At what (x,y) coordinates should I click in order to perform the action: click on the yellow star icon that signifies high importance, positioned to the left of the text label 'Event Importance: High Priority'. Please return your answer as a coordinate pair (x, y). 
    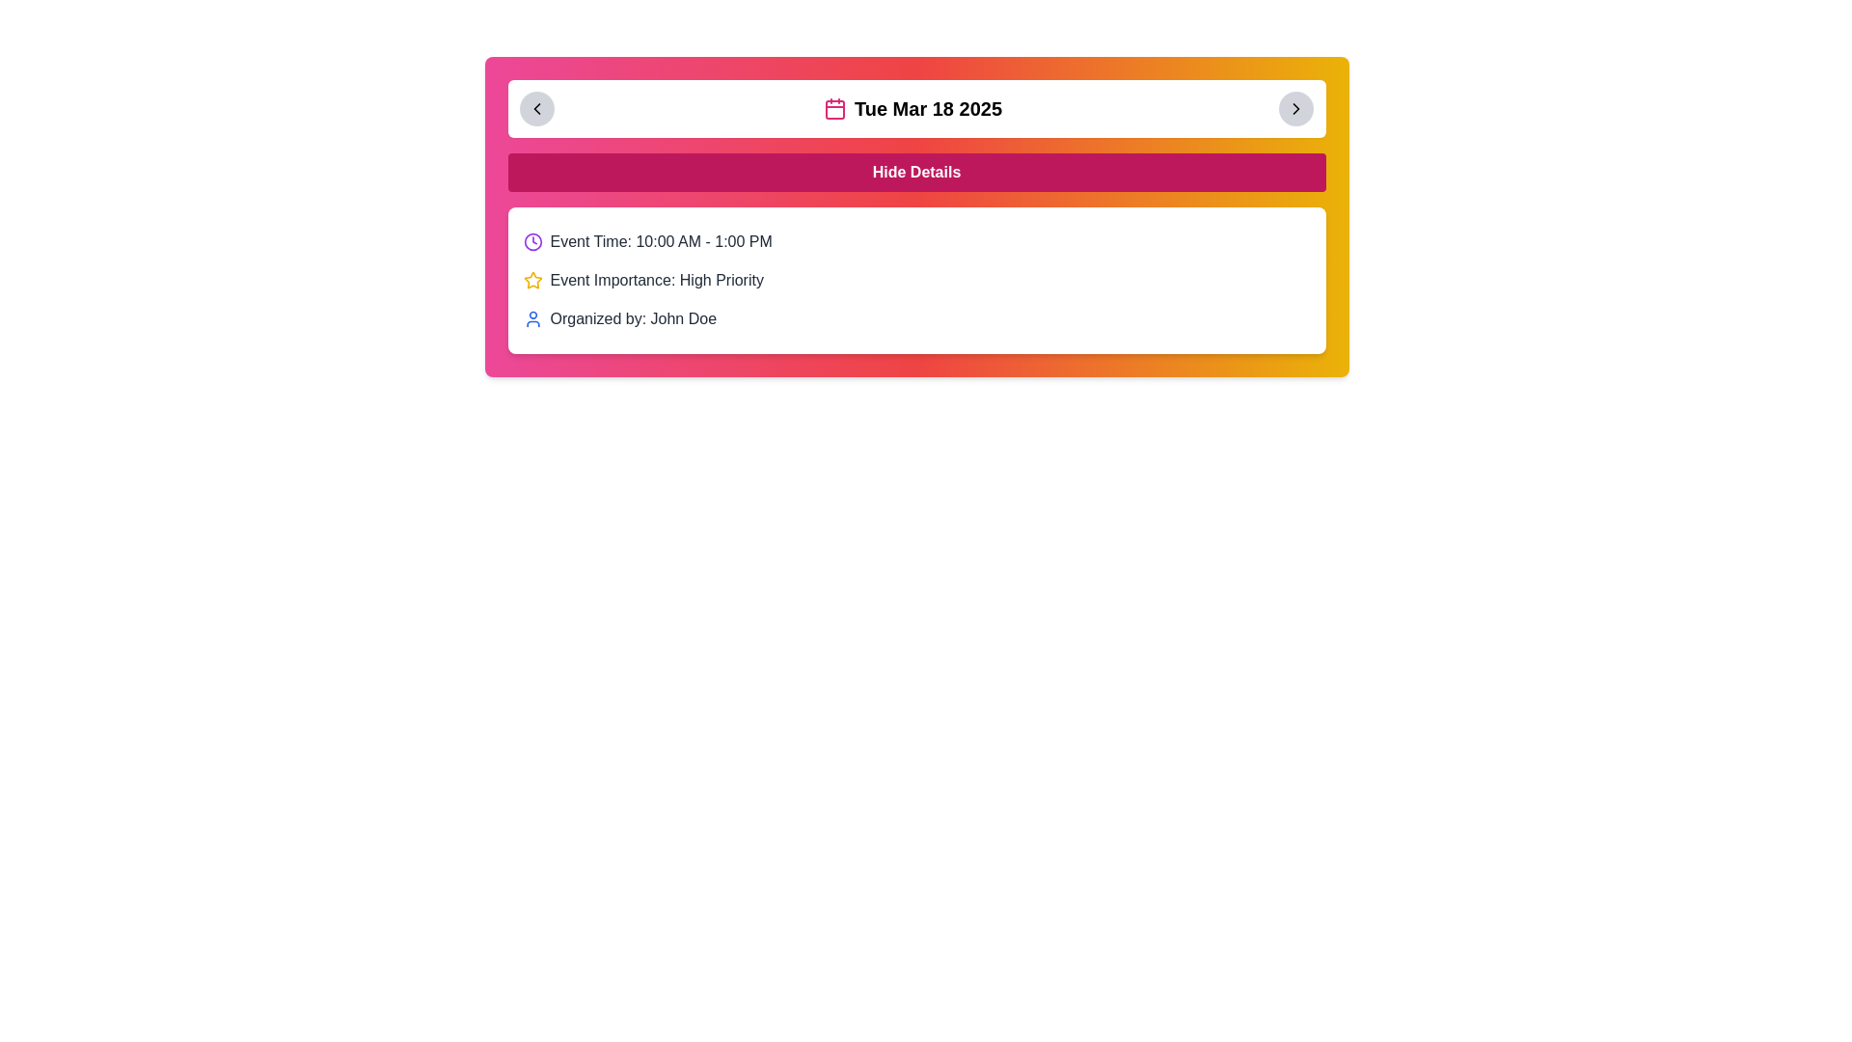
    Looking at the image, I should click on (532, 280).